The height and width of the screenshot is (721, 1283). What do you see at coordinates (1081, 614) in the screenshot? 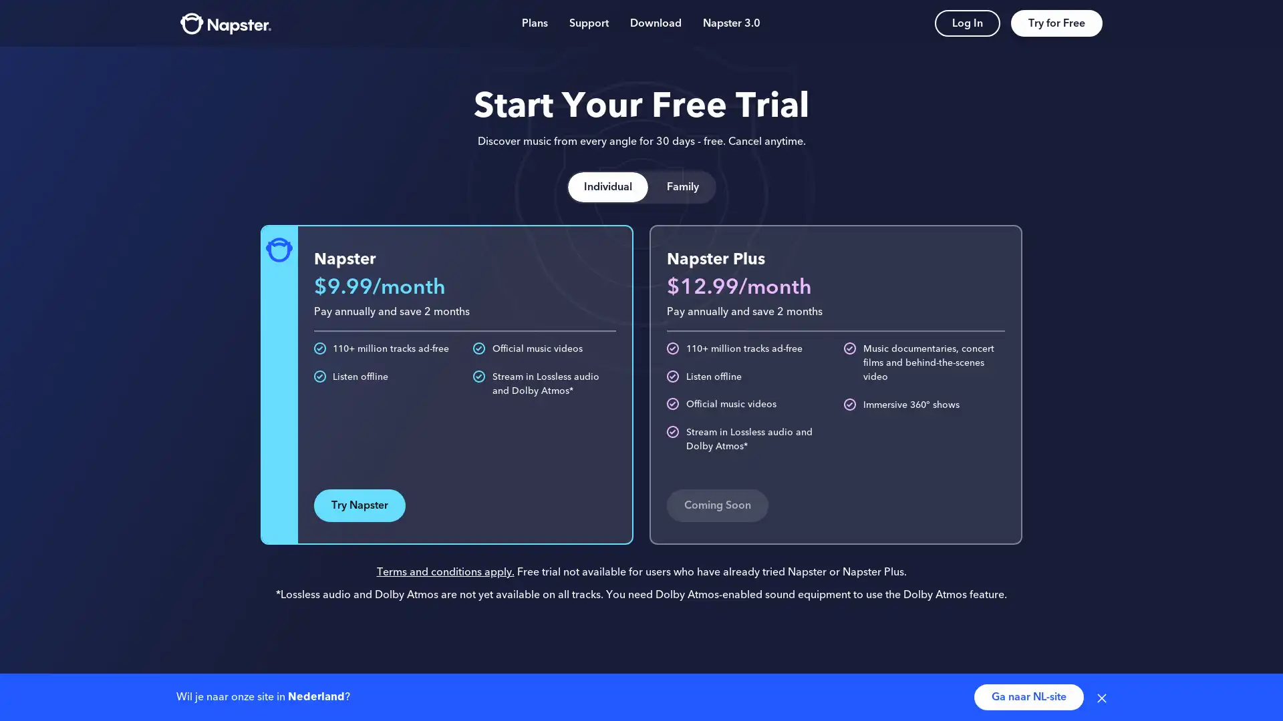
I see `Settings` at bounding box center [1081, 614].